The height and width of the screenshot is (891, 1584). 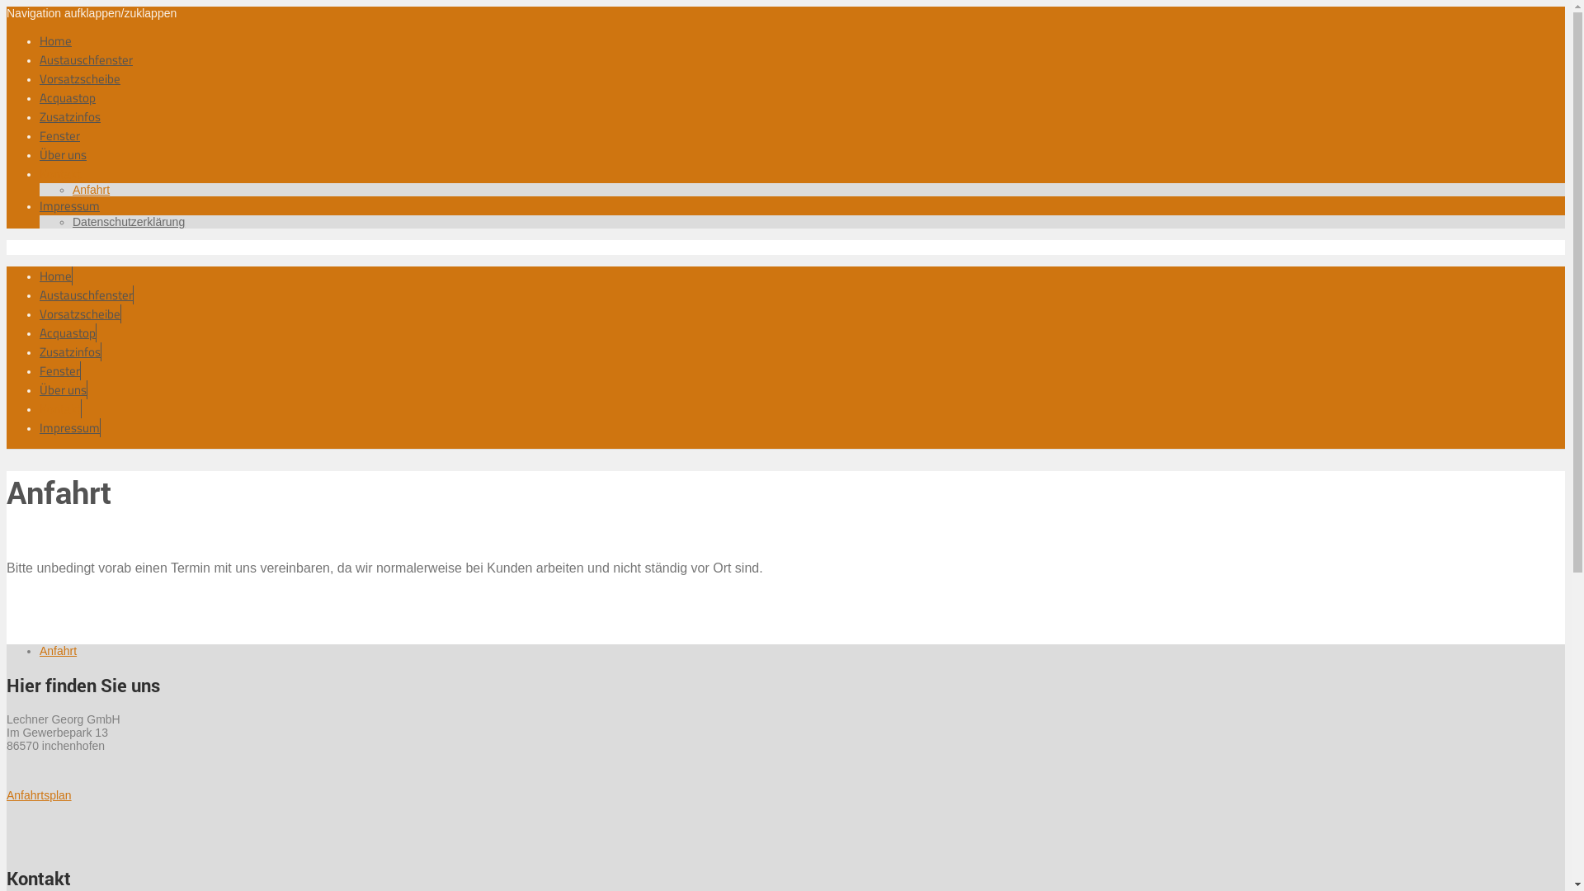 What do you see at coordinates (40, 427) in the screenshot?
I see `'Impressum'` at bounding box center [40, 427].